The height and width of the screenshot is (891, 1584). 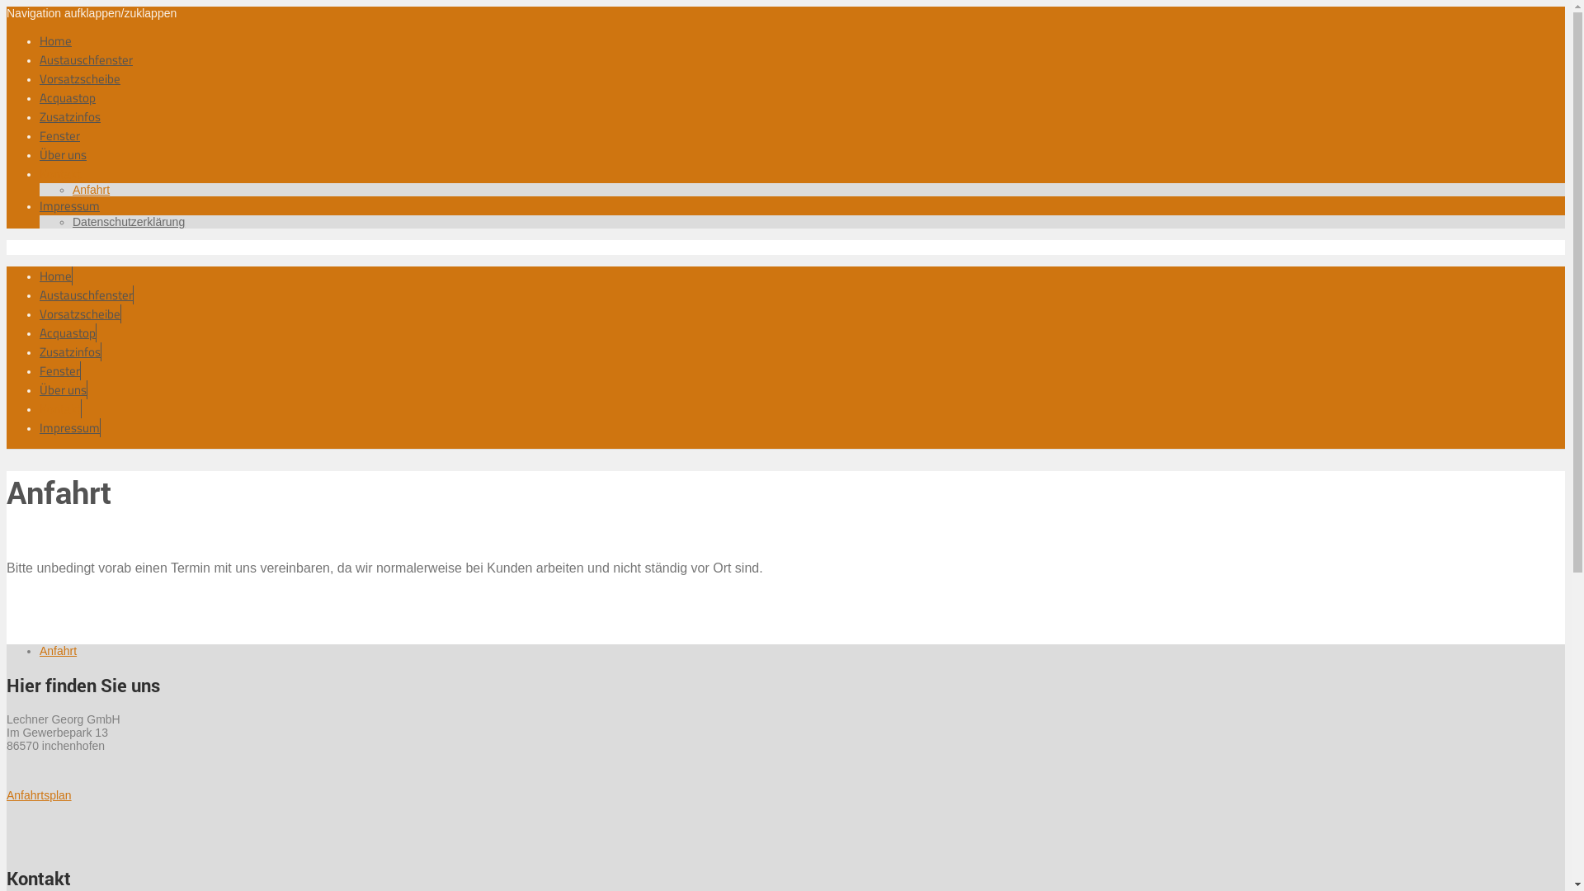 What do you see at coordinates (40, 427) in the screenshot?
I see `'Impressum'` at bounding box center [40, 427].